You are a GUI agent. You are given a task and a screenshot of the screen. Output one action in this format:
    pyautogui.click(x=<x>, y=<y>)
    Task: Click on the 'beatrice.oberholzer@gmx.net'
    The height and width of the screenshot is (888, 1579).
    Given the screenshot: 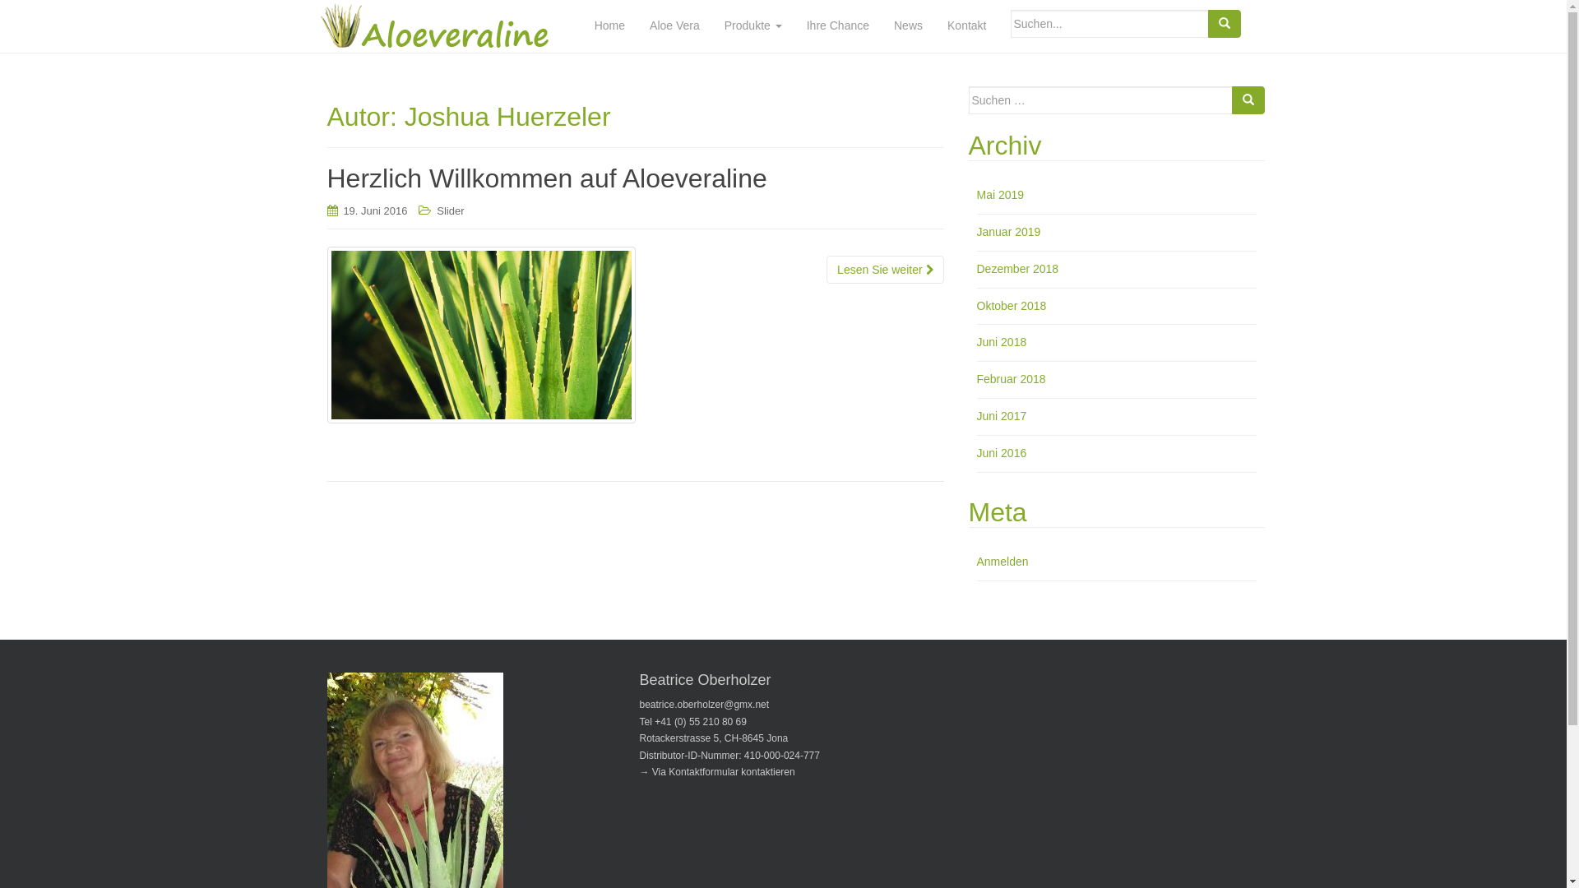 What is the action you would take?
    pyautogui.click(x=705, y=703)
    